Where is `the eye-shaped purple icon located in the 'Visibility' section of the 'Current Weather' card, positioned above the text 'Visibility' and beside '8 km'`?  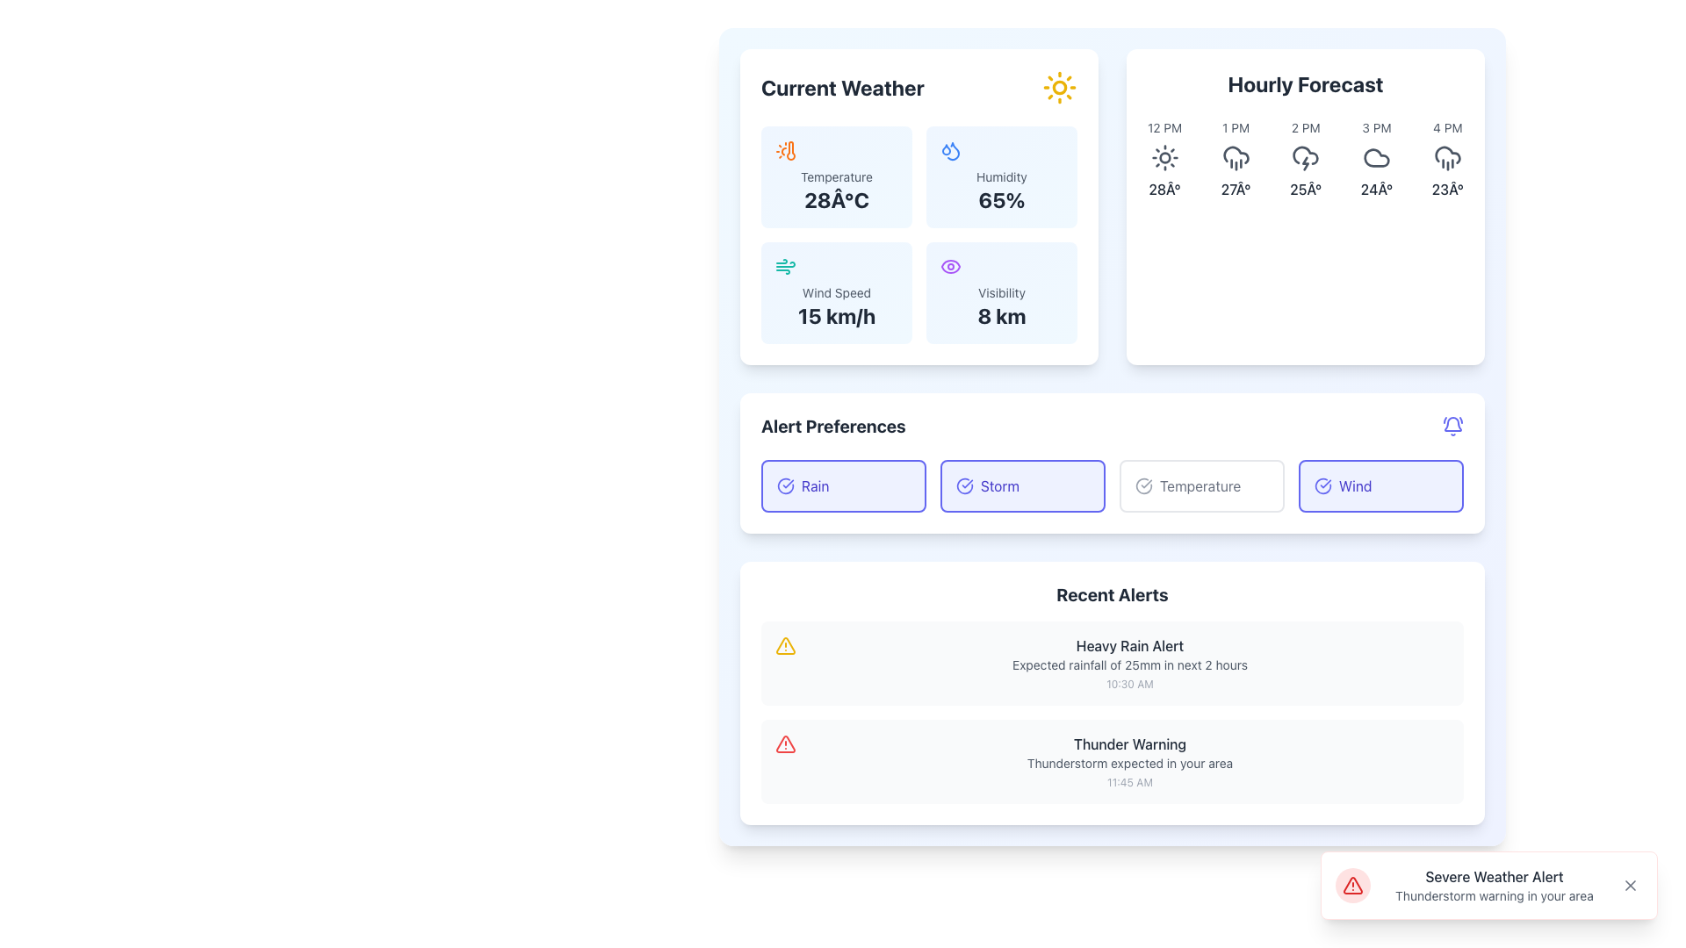 the eye-shaped purple icon located in the 'Visibility' section of the 'Current Weather' card, positioned above the text 'Visibility' and beside '8 km' is located at coordinates (950, 267).